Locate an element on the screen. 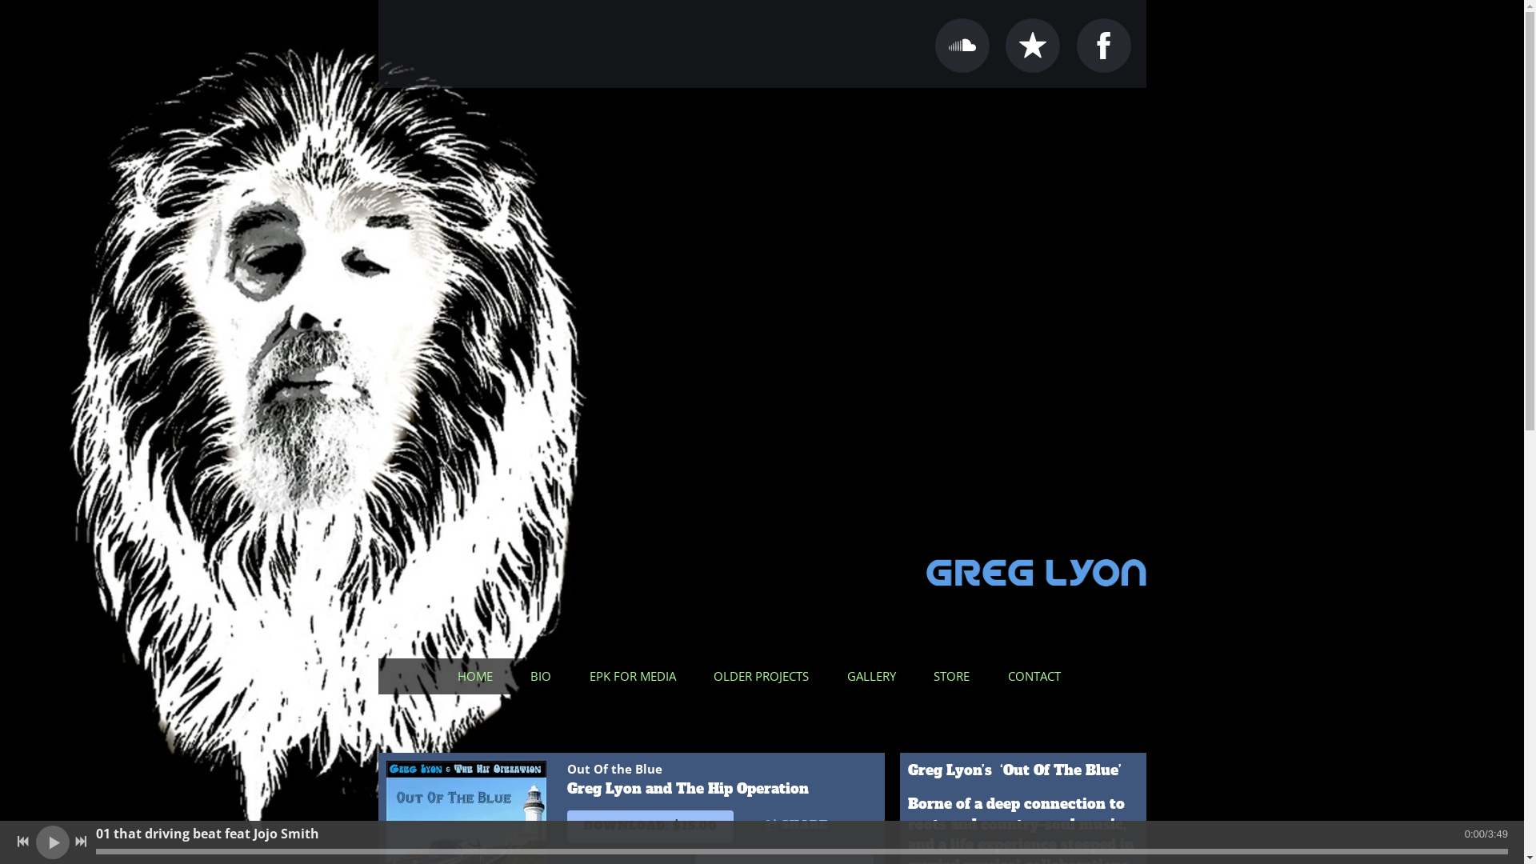 The height and width of the screenshot is (864, 1536). 'DOWNLOAD: $15.00' is located at coordinates (649, 826).